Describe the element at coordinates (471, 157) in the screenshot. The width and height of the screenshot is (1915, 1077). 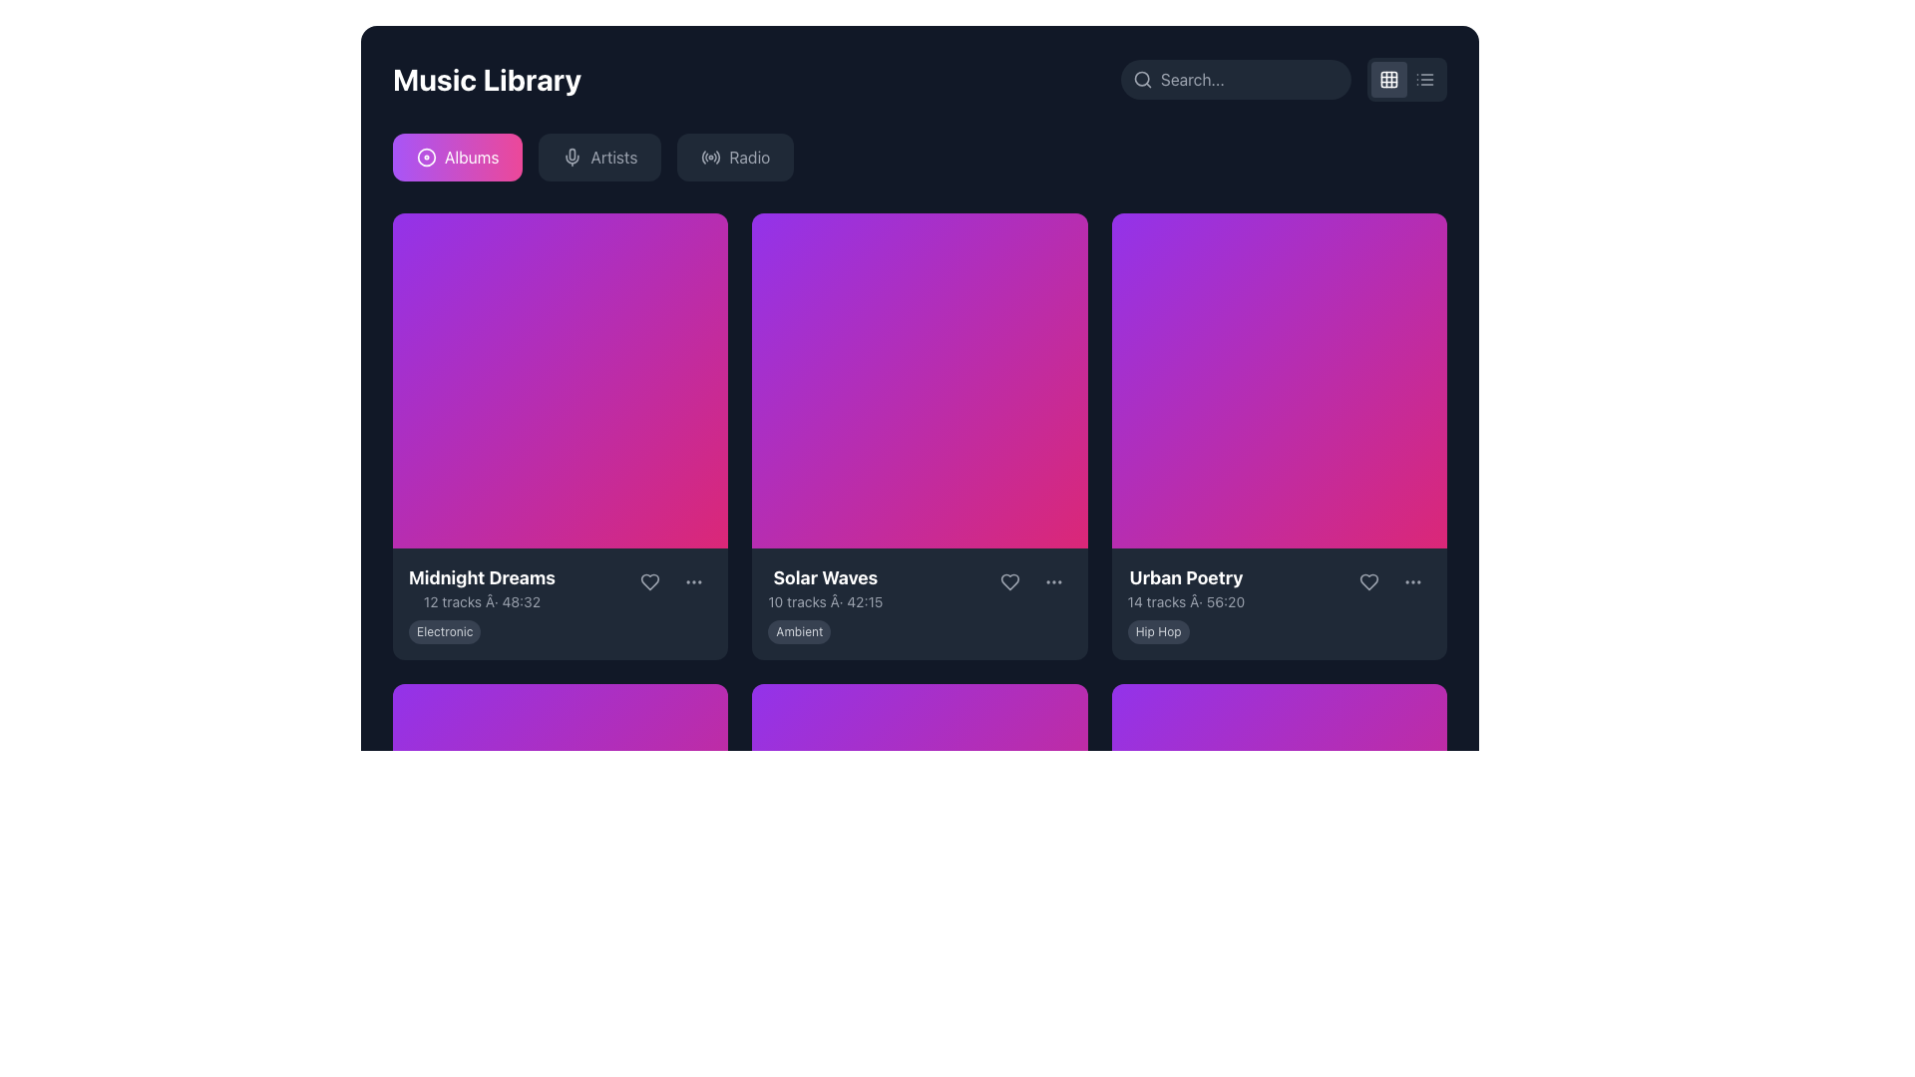
I see `the 'Albums' button, which displays the word 'Albums' in a white font within a gradient background button` at that location.